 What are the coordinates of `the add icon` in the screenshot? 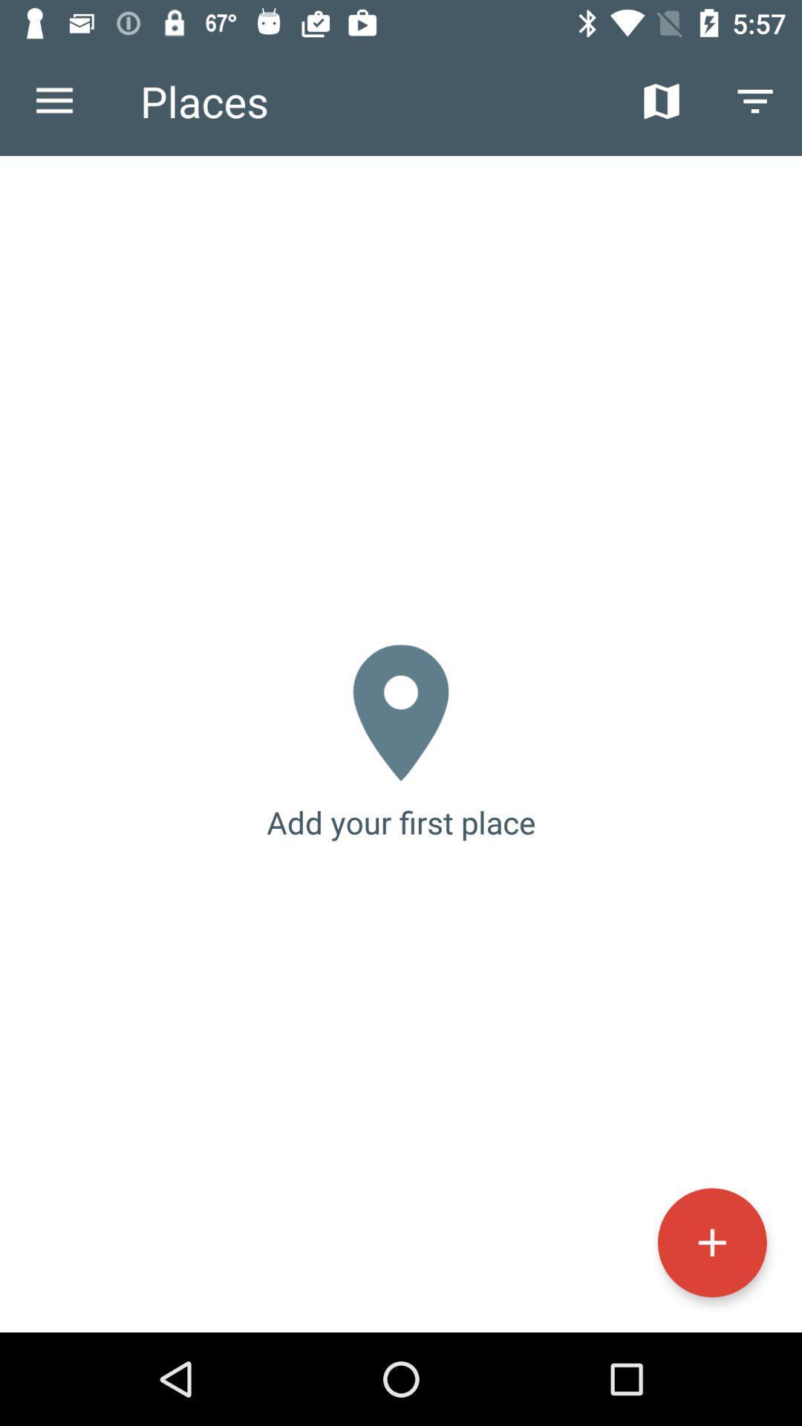 It's located at (711, 1243).